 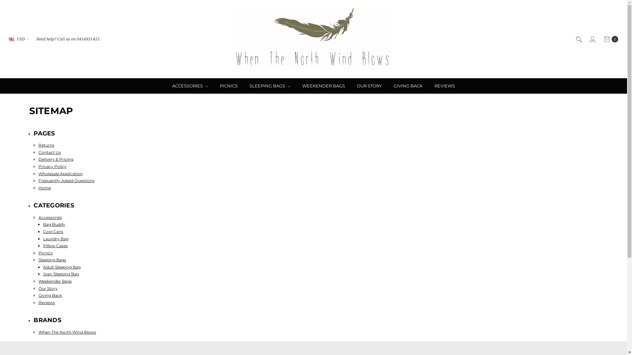 I want to click on 'Laundry Bag', so click(x=42, y=238).